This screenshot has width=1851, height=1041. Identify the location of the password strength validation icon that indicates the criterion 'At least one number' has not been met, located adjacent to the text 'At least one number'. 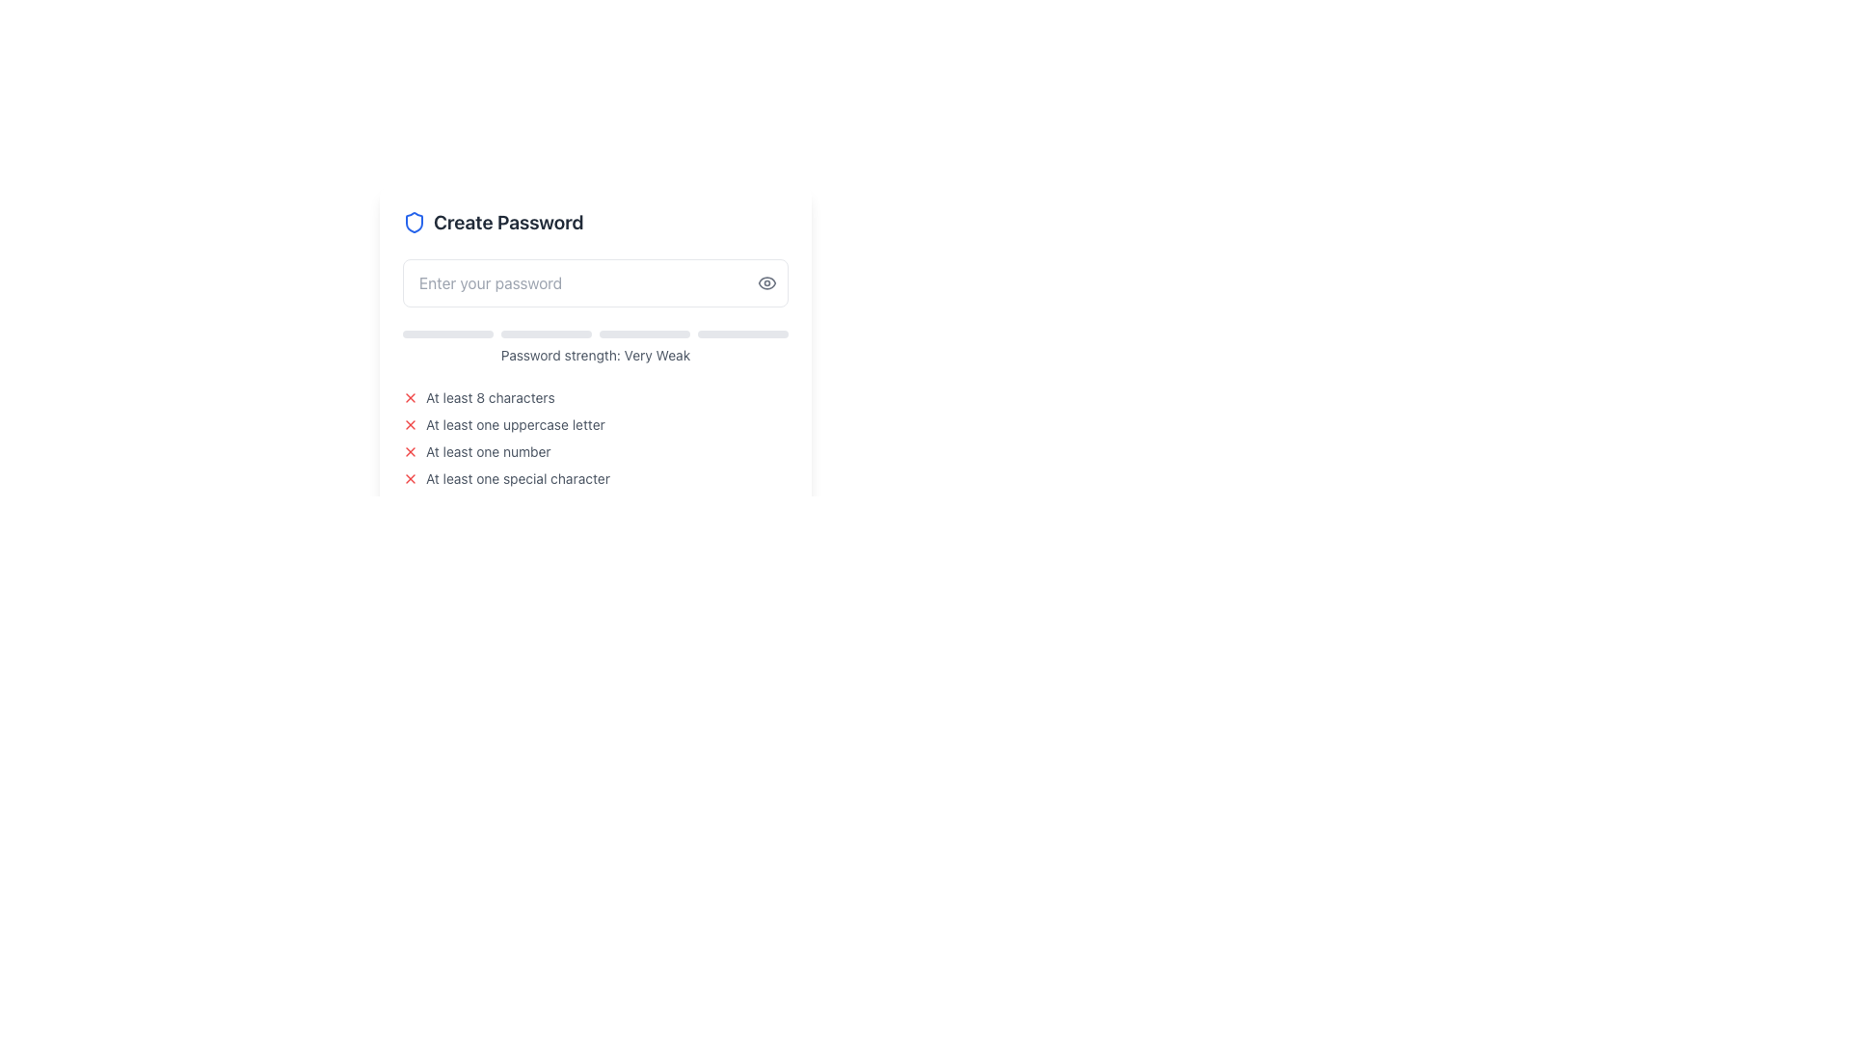
(410, 452).